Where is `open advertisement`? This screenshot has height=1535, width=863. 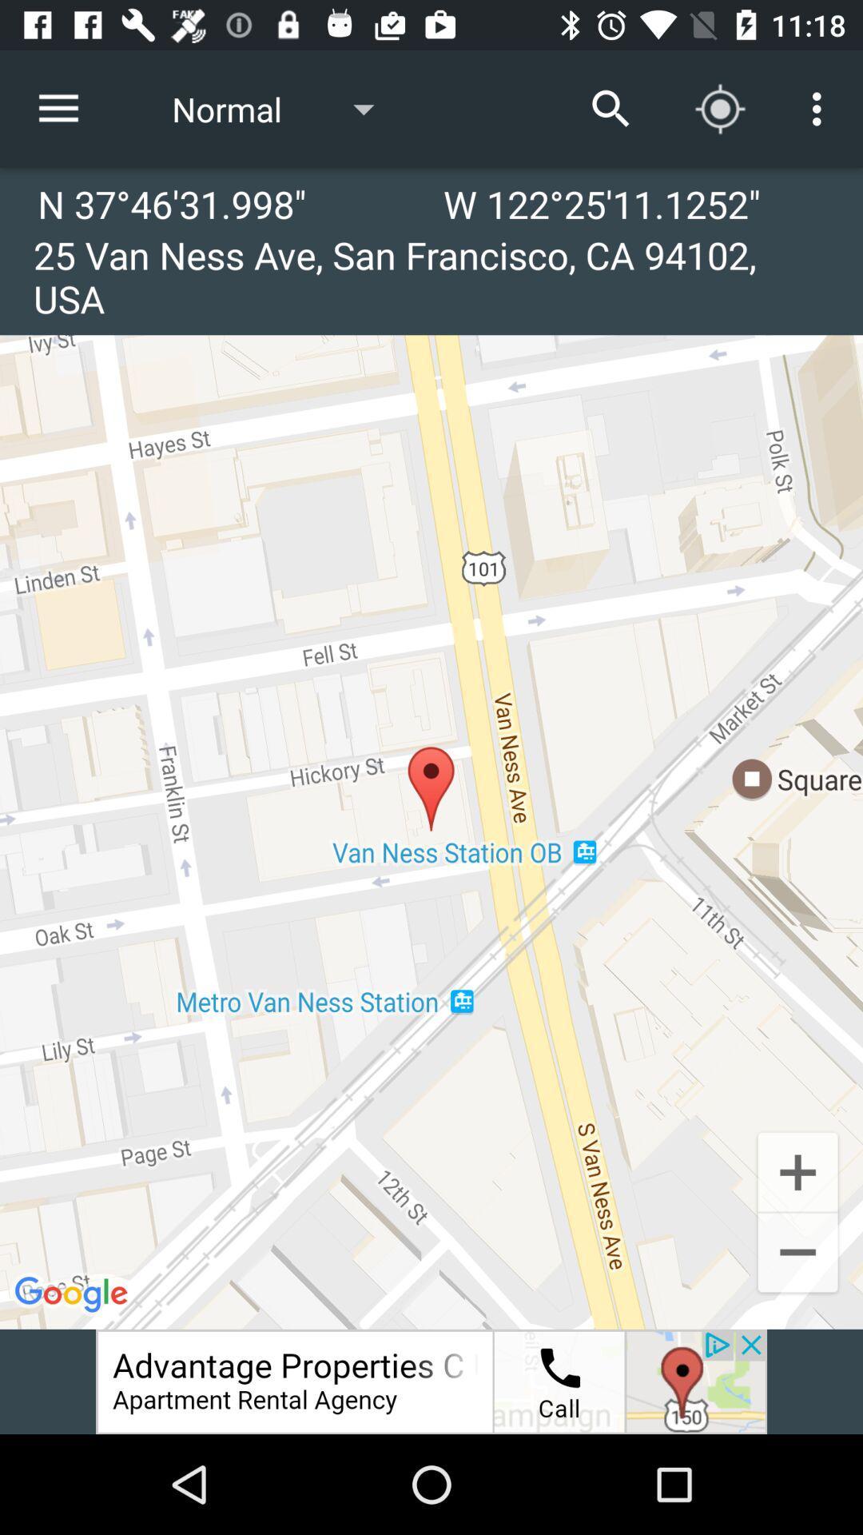 open advertisement is located at coordinates (431, 1381).